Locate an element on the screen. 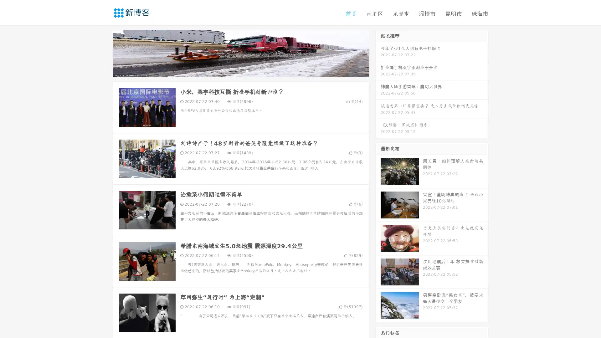 This screenshot has height=338, width=601. Go to slide 3 is located at coordinates (247, 70).